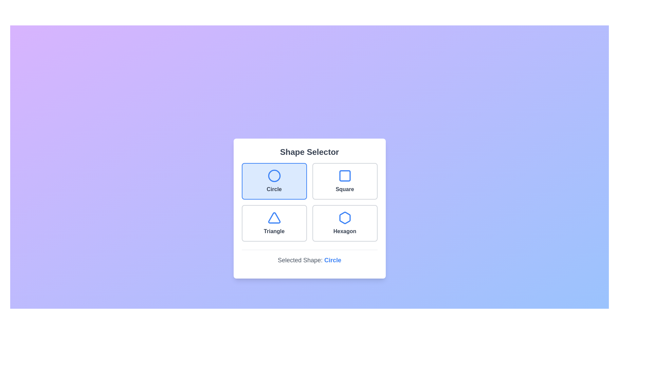  What do you see at coordinates (345, 181) in the screenshot?
I see `the shape Square by clicking its button` at bounding box center [345, 181].